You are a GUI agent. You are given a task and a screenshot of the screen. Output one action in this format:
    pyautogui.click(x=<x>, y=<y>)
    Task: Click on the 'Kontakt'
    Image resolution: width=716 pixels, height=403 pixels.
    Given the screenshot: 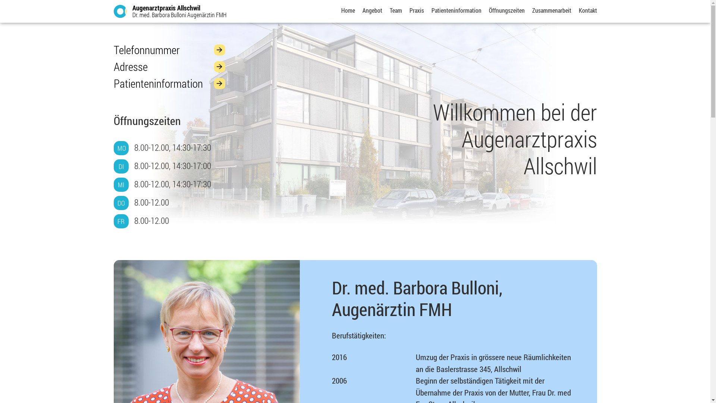 What is the action you would take?
    pyautogui.click(x=578, y=10)
    